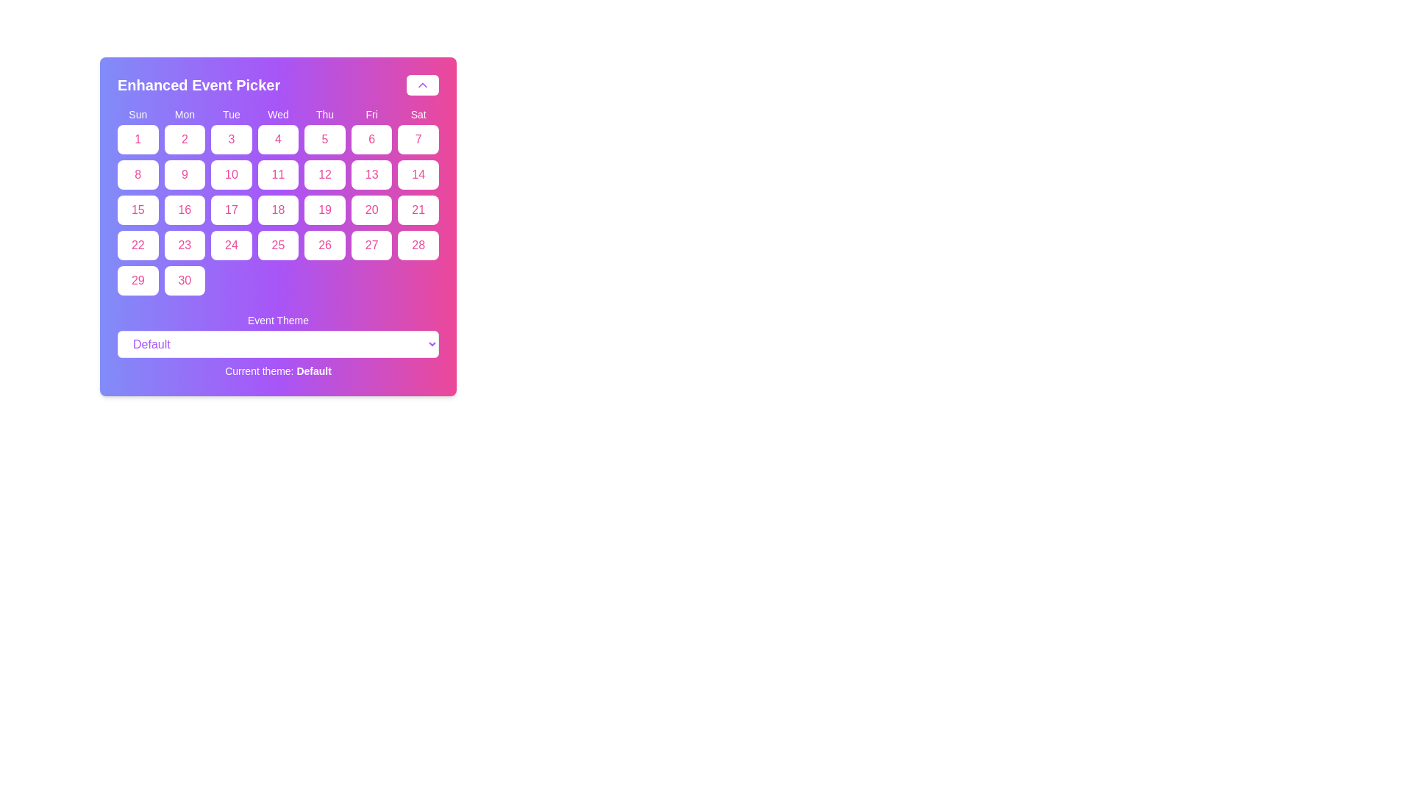 This screenshot has width=1412, height=794. What do you see at coordinates (138, 210) in the screenshot?
I see `the button representing the 15th day of the month` at bounding box center [138, 210].